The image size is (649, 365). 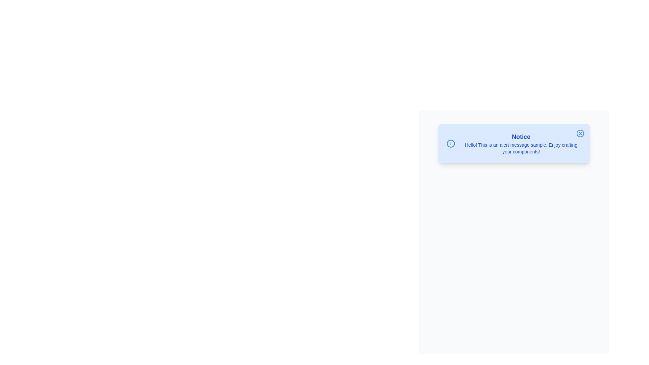 I want to click on the circular blue-bordered button with an 'X' icon in the top-right corner of the alert message, so click(x=580, y=133).